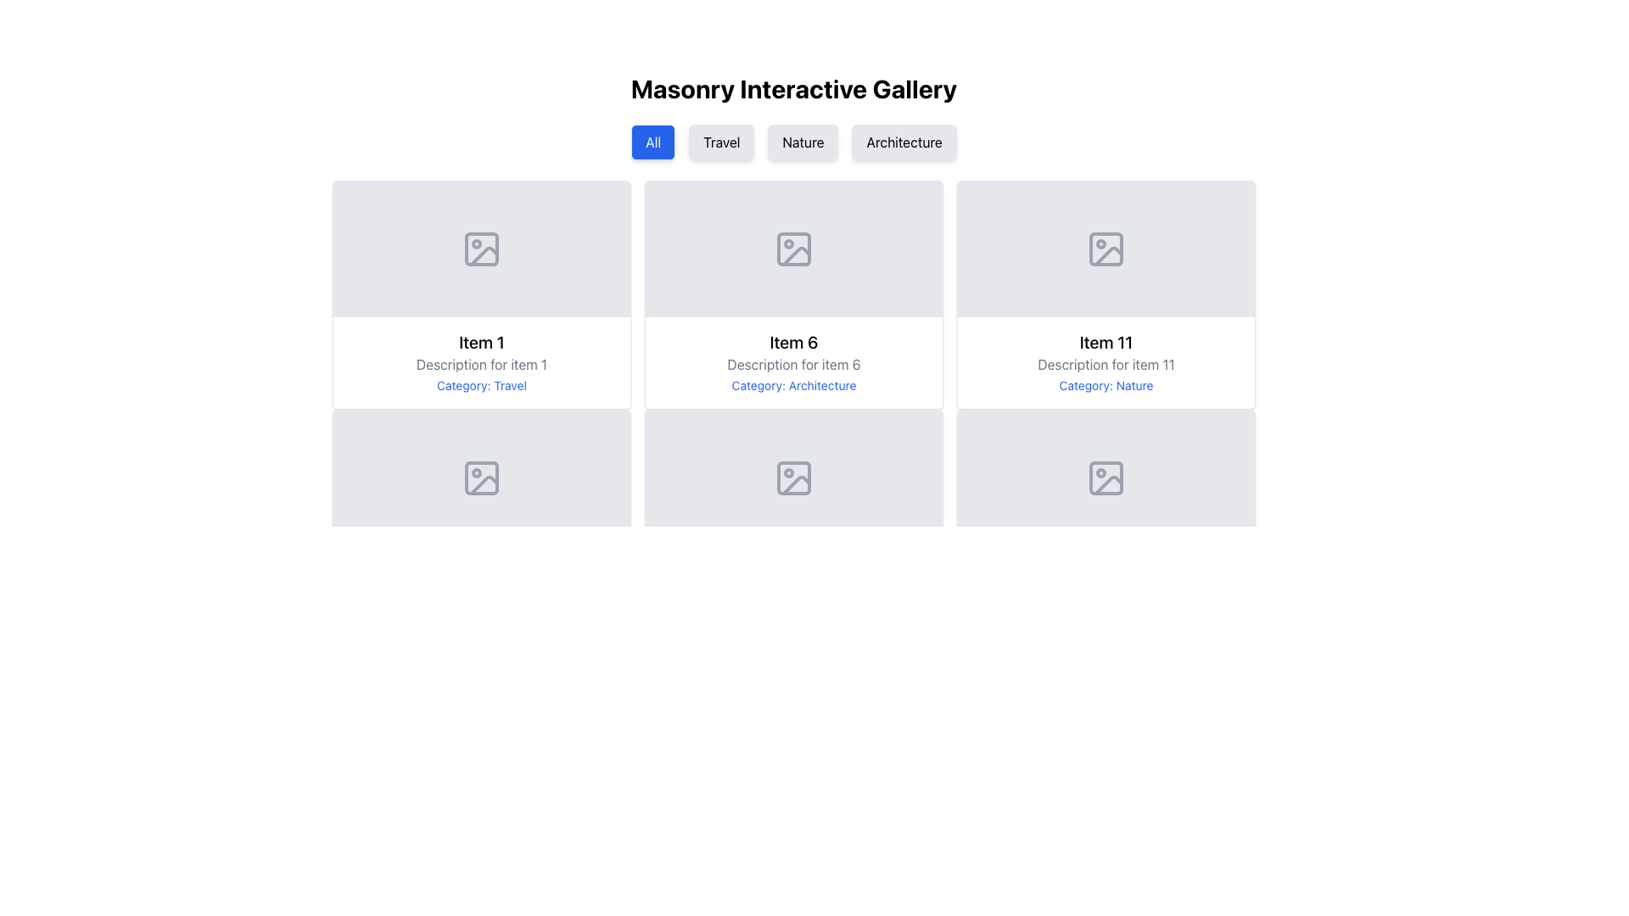 The image size is (1629, 916). What do you see at coordinates (1106, 478) in the screenshot?
I see `the icon resembling an image placeholder located within the tile labeled 'Item 11' in the masonry gallery` at bounding box center [1106, 478].